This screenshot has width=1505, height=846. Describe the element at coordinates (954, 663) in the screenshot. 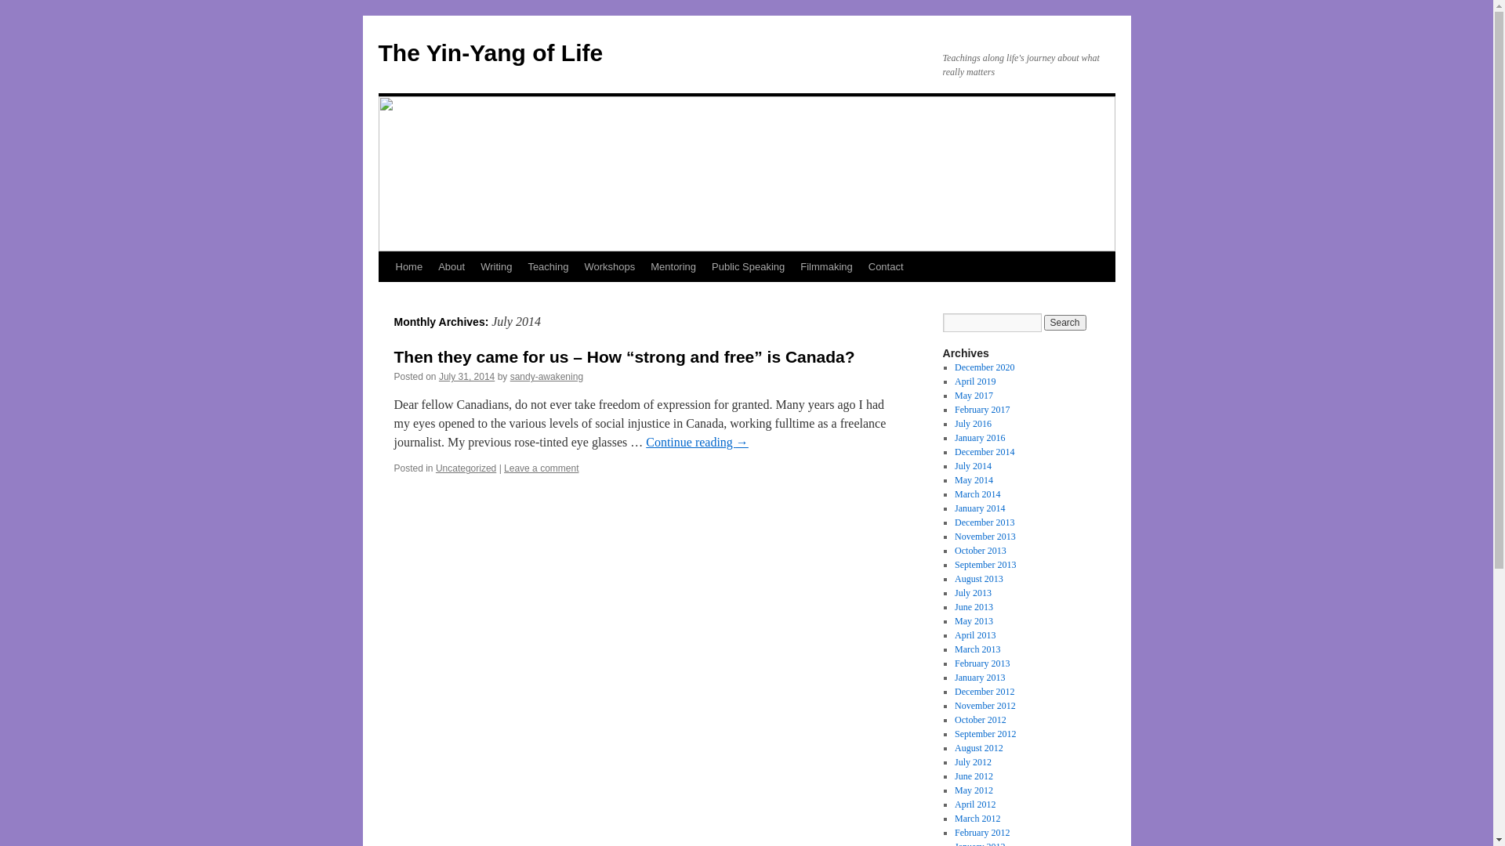

I see `'February 2013'` at that location.